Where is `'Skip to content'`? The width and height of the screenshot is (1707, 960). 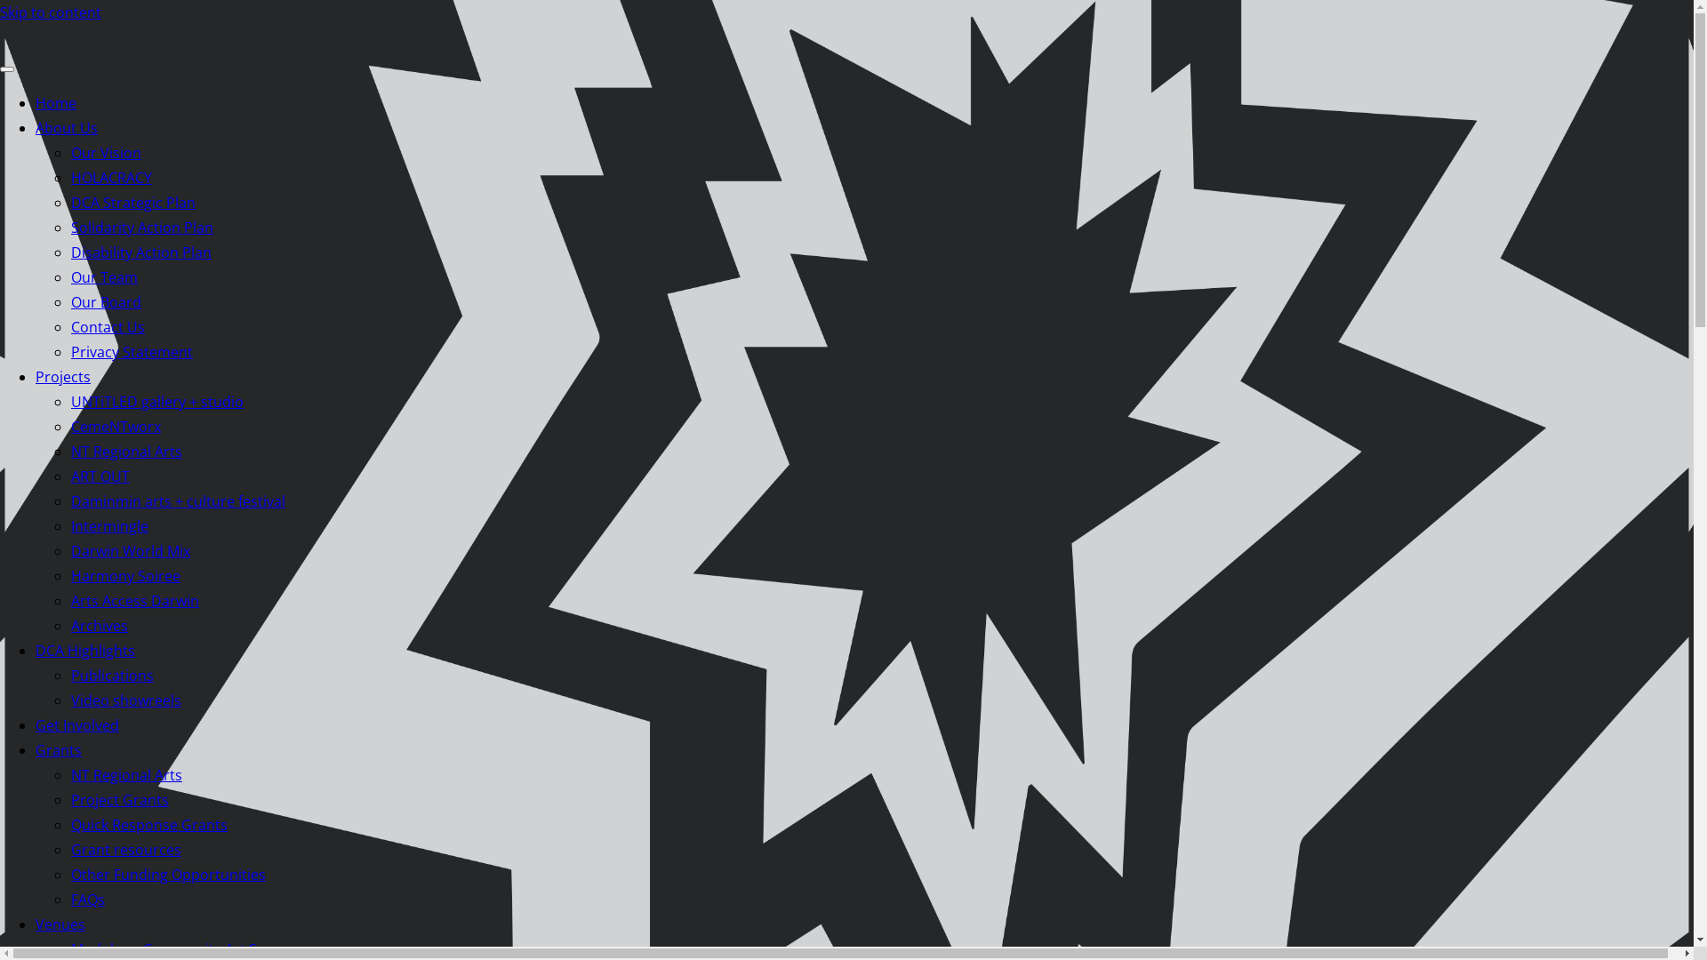 'Skip to content' is located at coordinates (51, 12).